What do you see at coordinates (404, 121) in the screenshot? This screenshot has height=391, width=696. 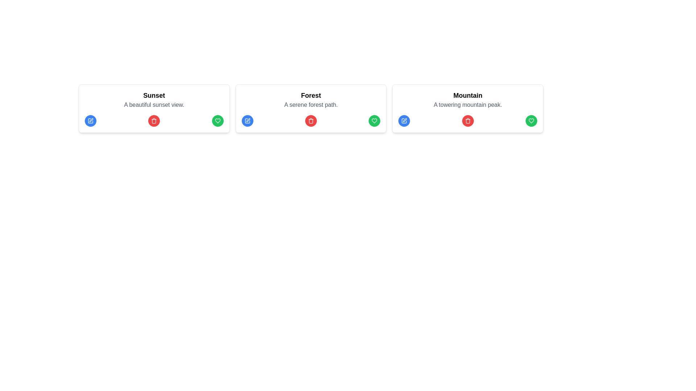 I see `the vector graphic element styled with strokes in a neutral color, located within the blue circular button next to the title 'Mountain' in the third card` at bounding box center [404, 121].